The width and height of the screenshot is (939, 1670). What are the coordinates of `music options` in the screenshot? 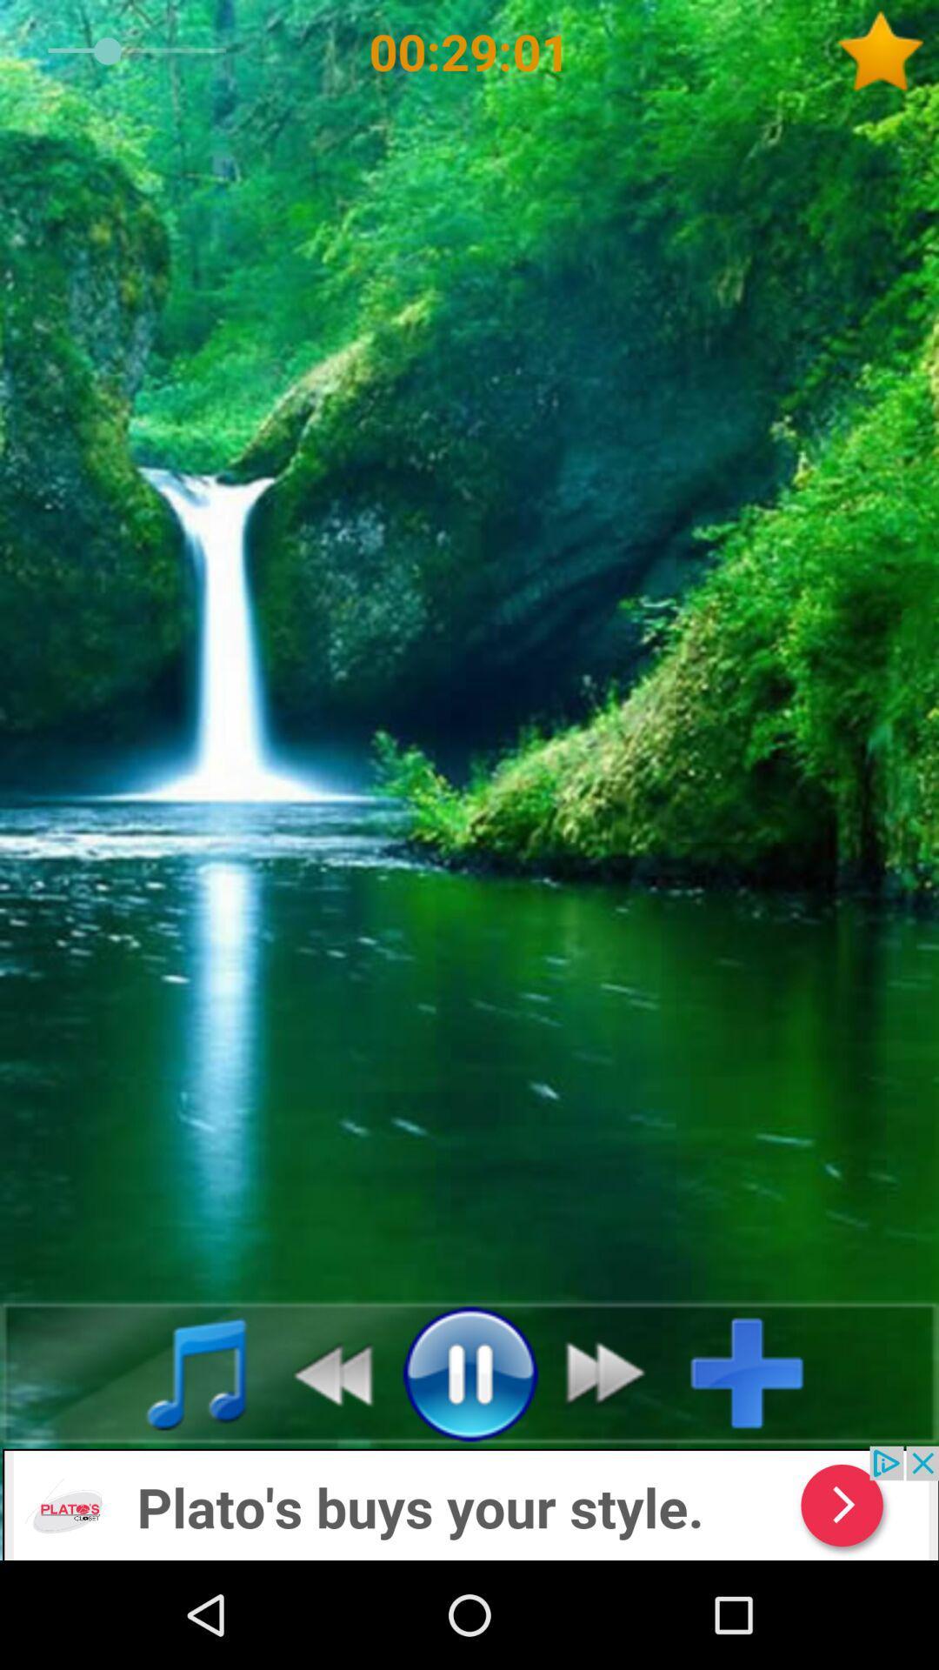 It's located at (177, 1372).